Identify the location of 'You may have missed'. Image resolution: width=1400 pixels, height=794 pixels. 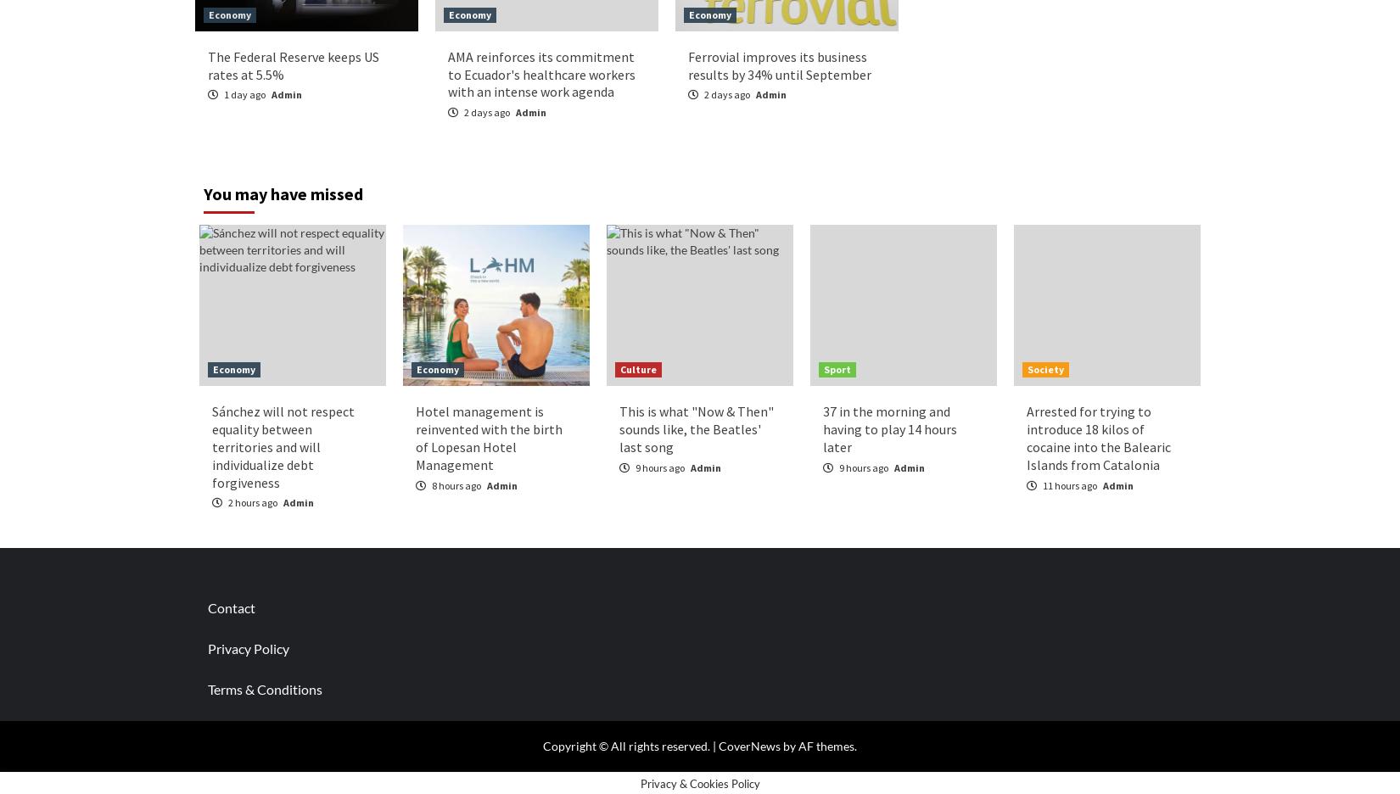
(283, 193).